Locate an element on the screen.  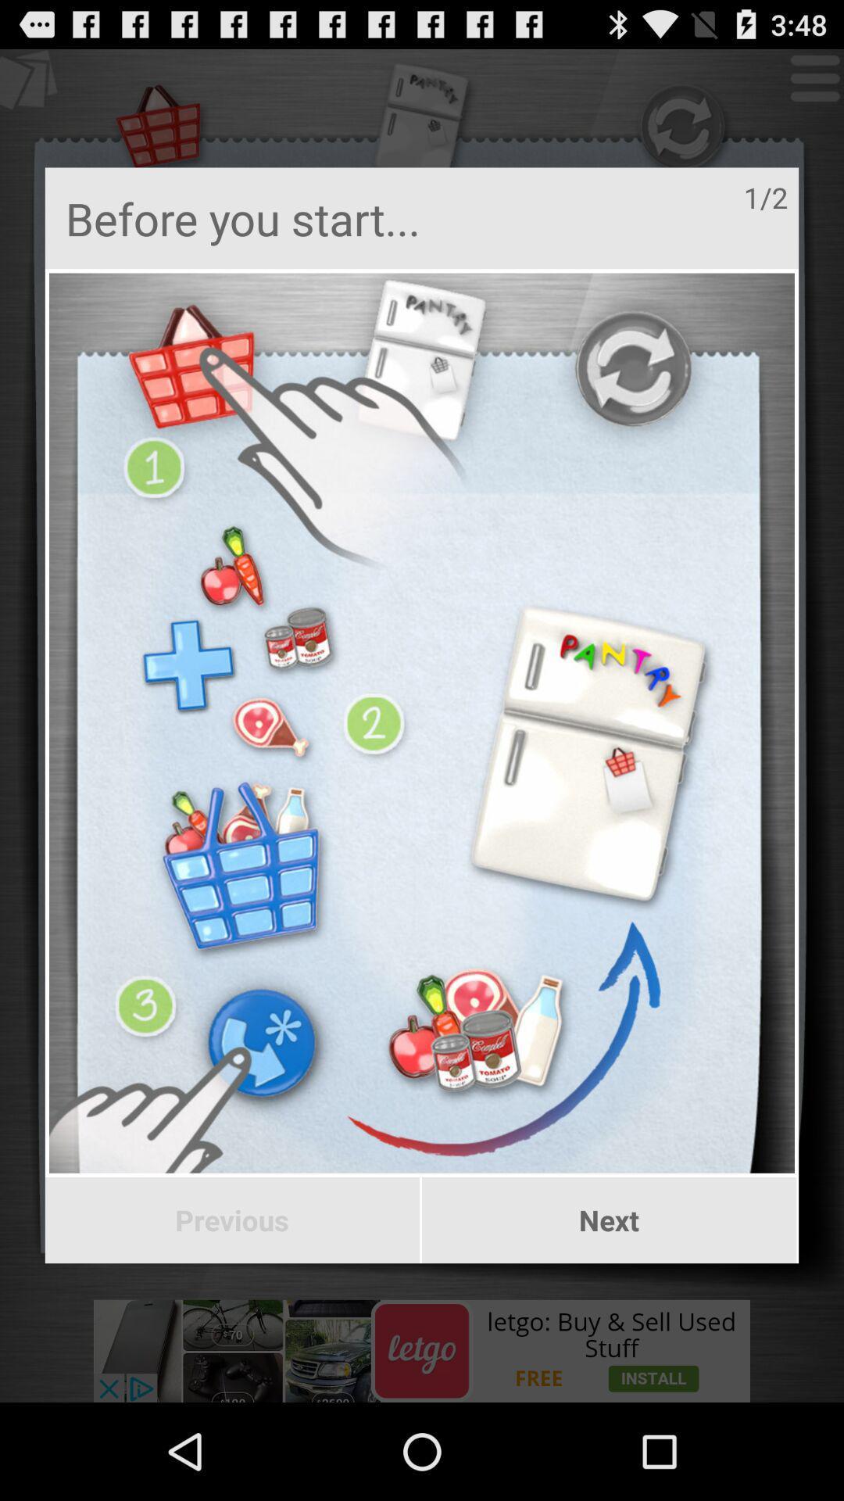
the item to the left of next is located at coordinates (232, 1220).